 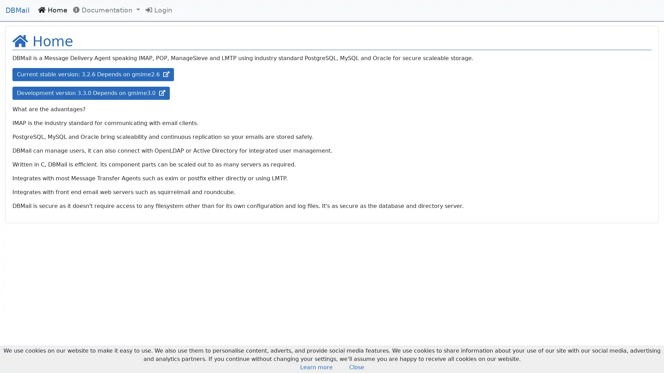 I want to click on Development version 3.3.0 Depends on gmime3.0, so click(x=91, y=93).